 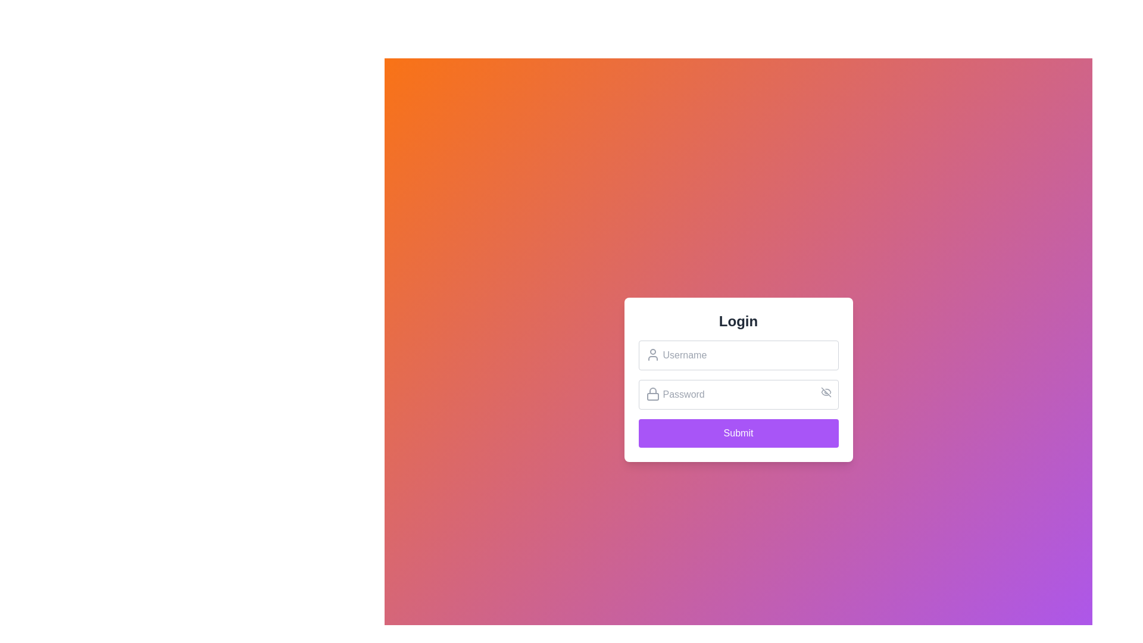 I want to click on the concealed eye icon located near the right side of the password input field in the login form to potentially display a tooltip, so click(x=825, y=392).